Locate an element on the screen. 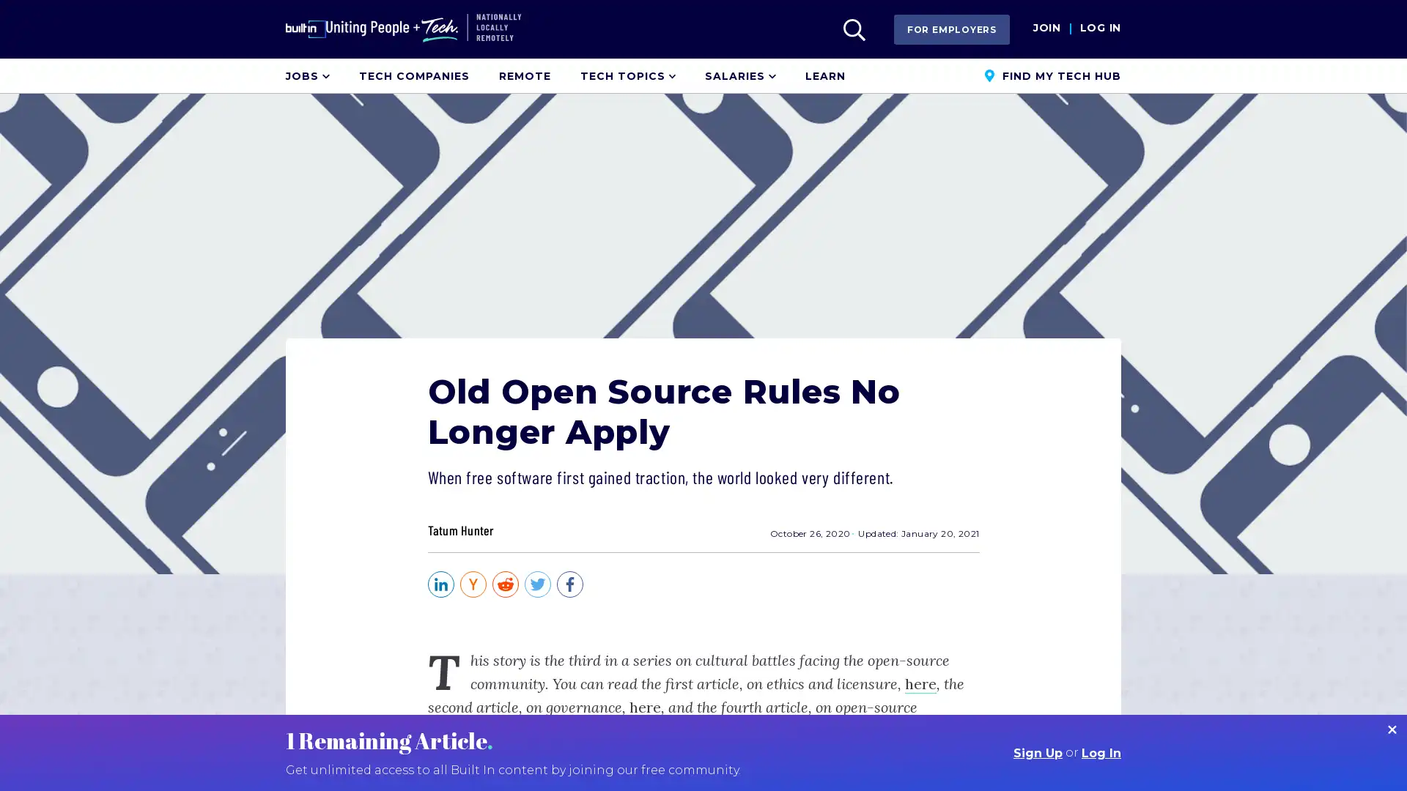  Log In is located at coordinates (1101, 753).